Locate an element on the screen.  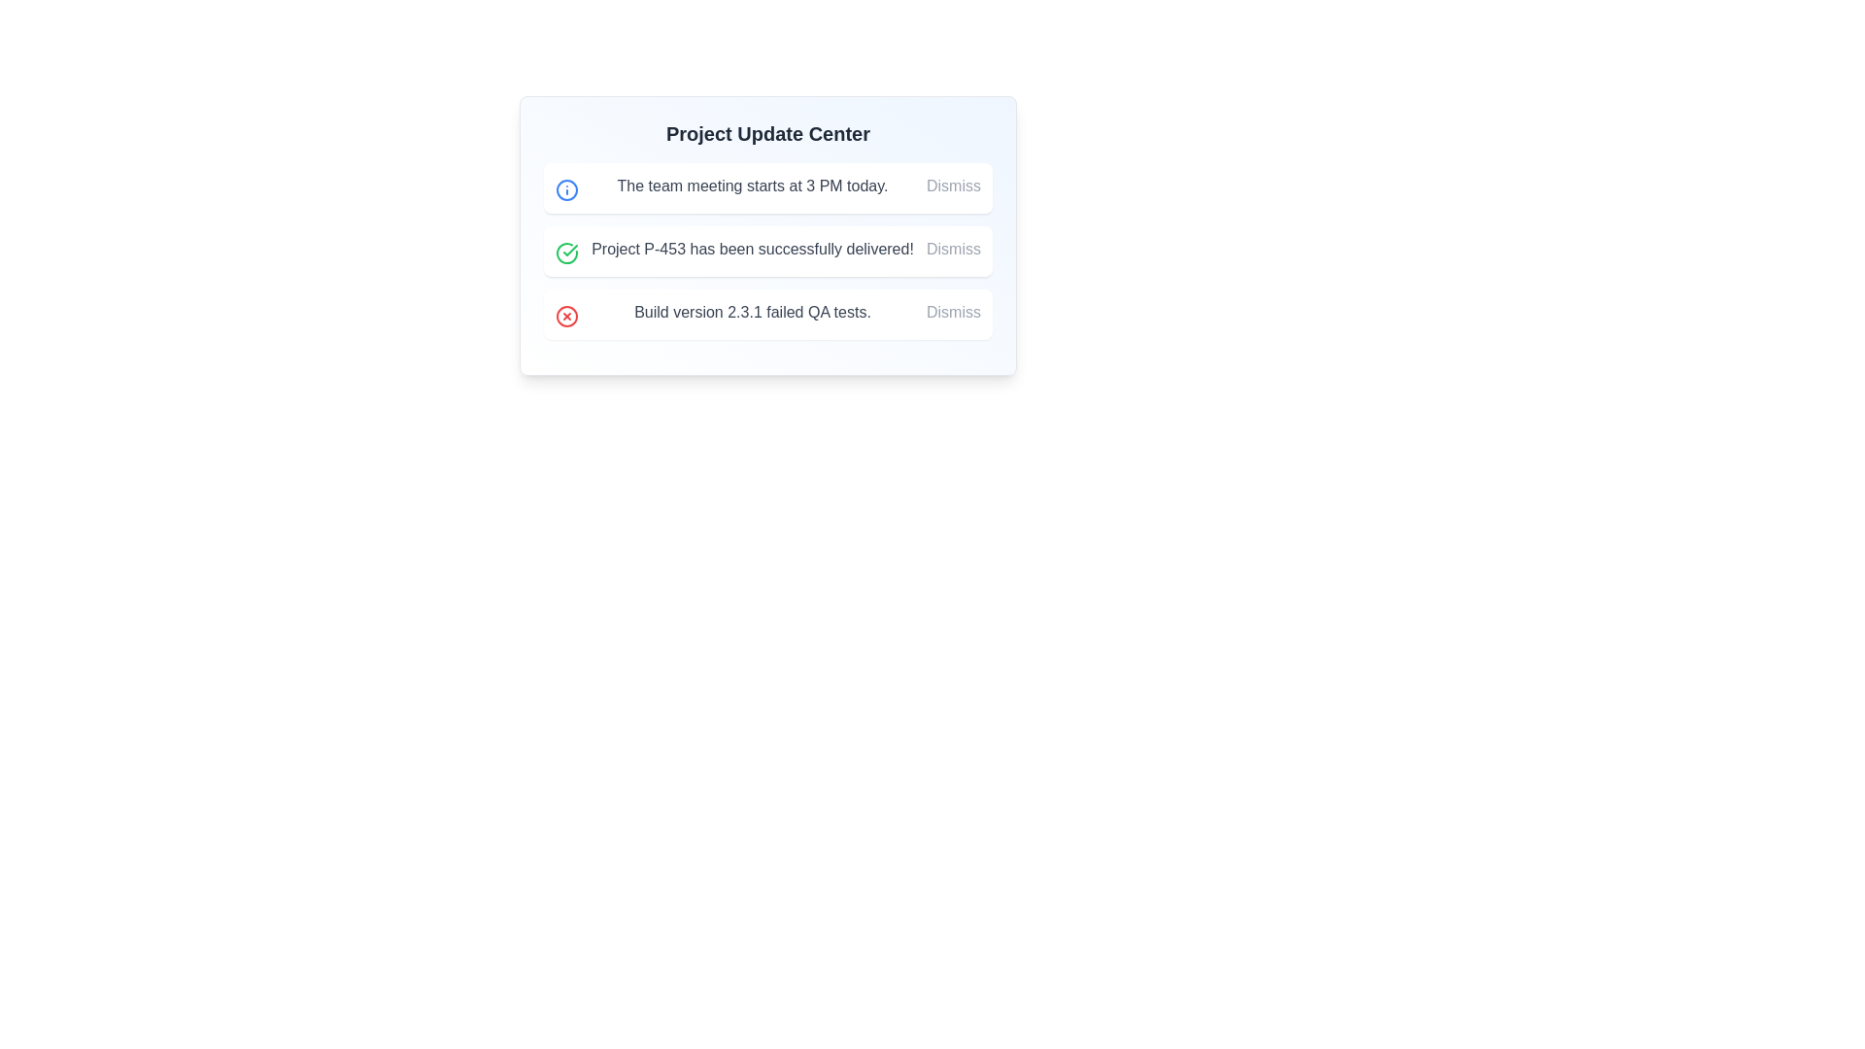
the Text Display that conveys information about a scheduled team meeting, located in the center of the notification card is located at coordinates (751, 186).